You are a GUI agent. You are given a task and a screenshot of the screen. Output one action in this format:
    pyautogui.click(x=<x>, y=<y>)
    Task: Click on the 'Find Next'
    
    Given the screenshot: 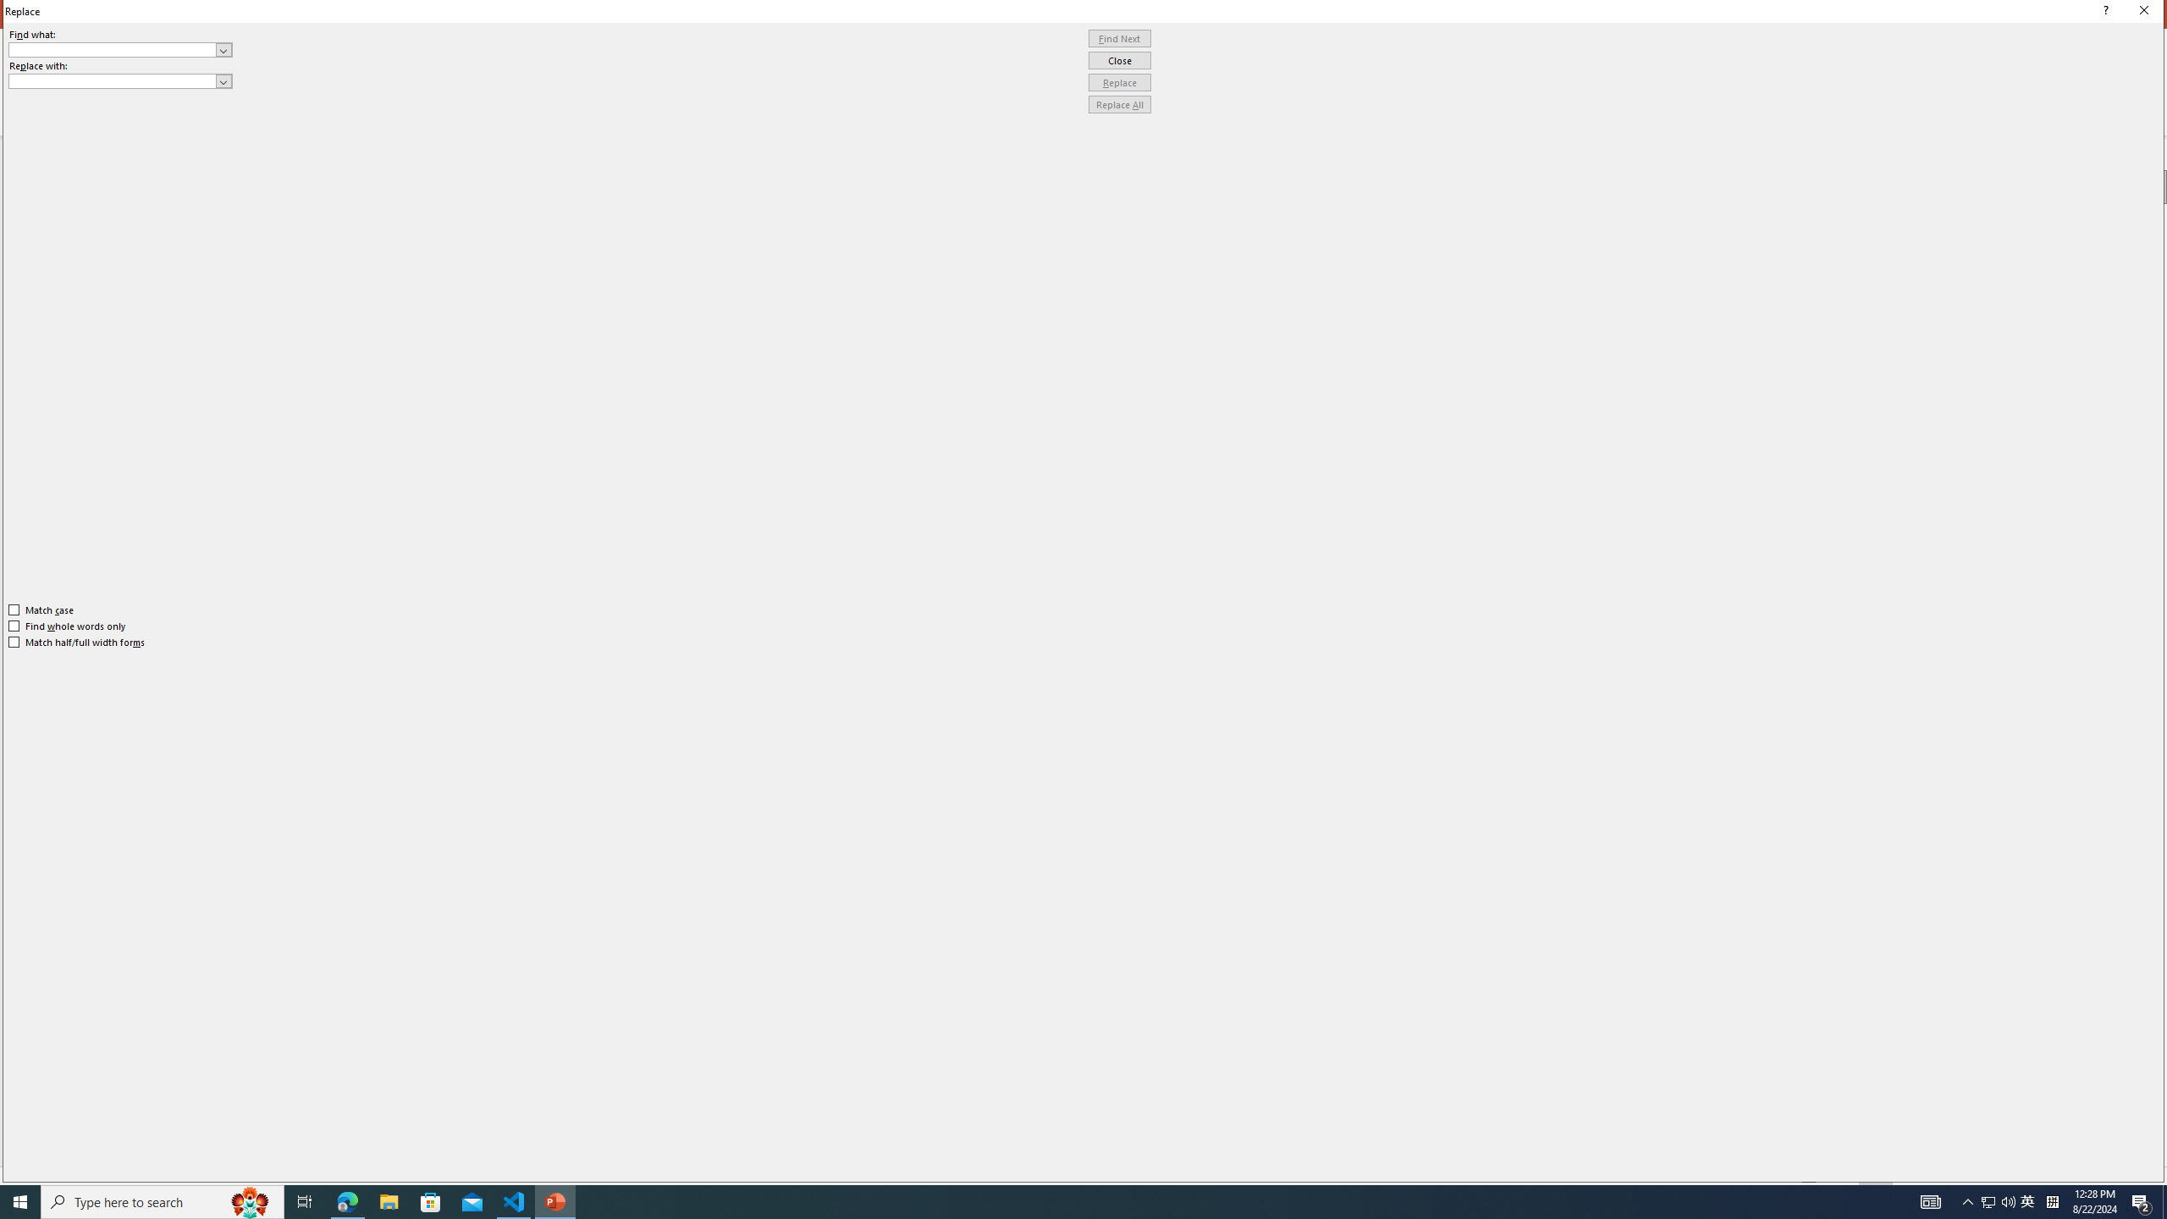 What is the action you would take?
    pyautogui.click(x=1119, y=38)
    